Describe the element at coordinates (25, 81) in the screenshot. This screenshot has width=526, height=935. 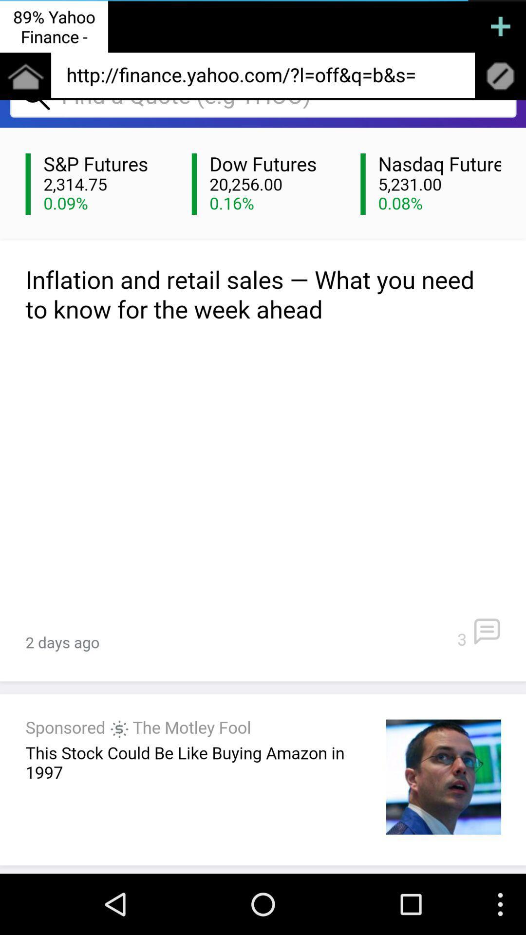
I see `the home icon` at that location.